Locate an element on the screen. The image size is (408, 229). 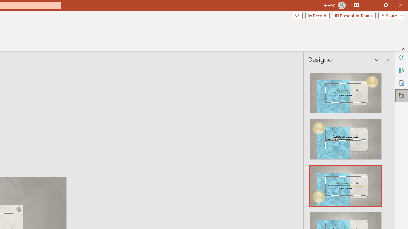
'Task Pane Options' is located at coordinates (377, 60).